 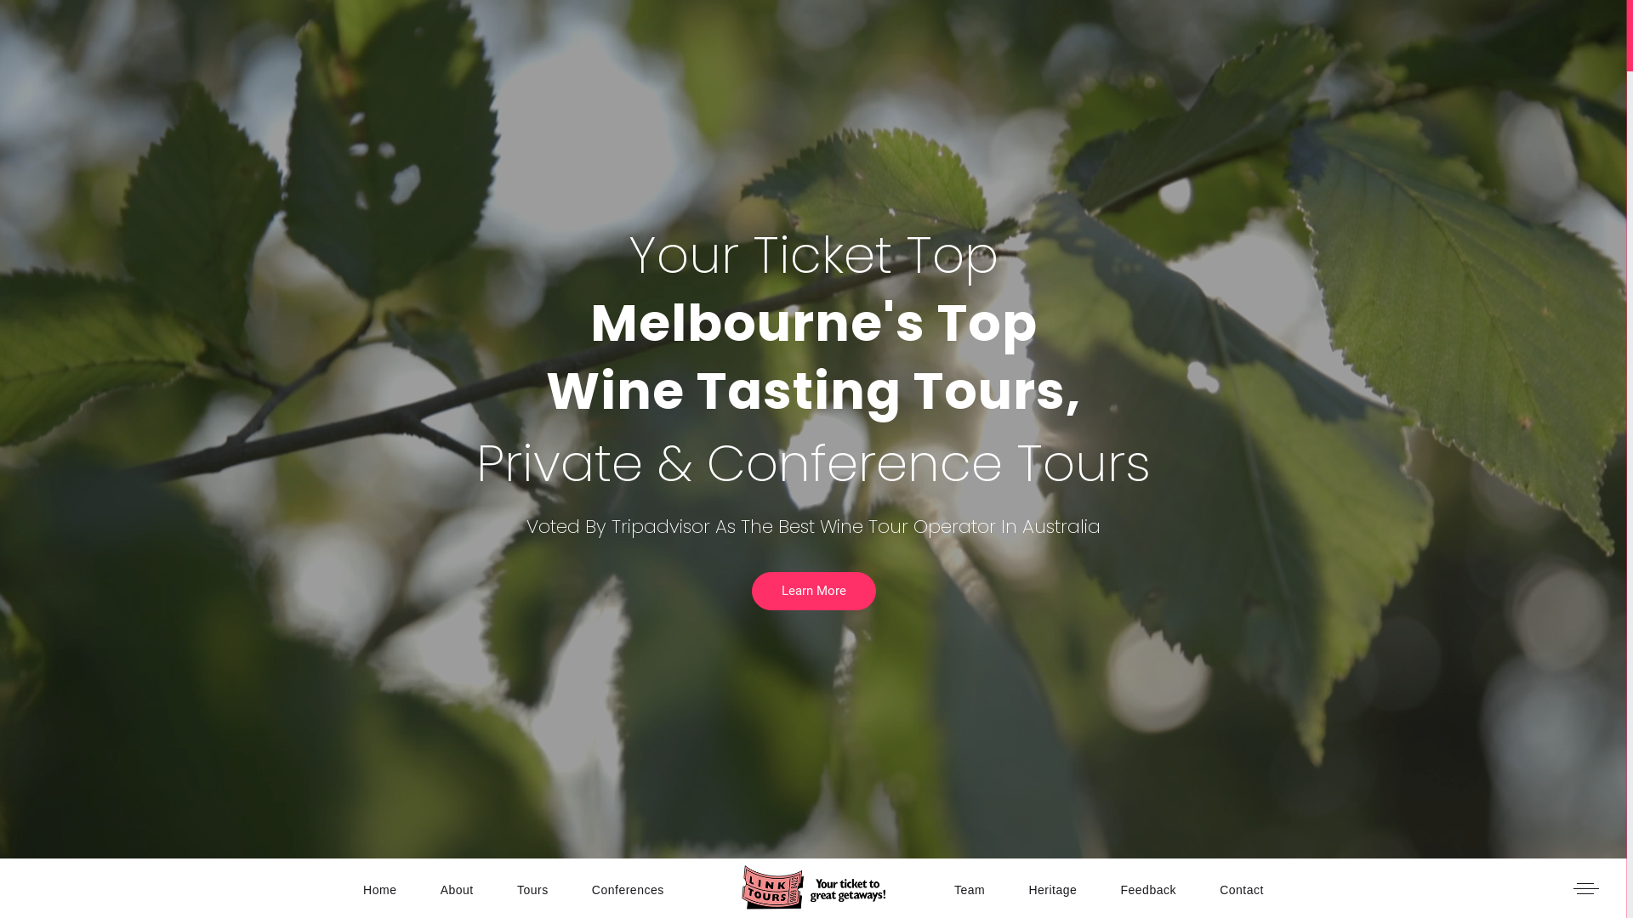 What do you see at coordinates (592, 887) in the screenshot?
I see `'Conferences'` at bounding box center [592, 887].